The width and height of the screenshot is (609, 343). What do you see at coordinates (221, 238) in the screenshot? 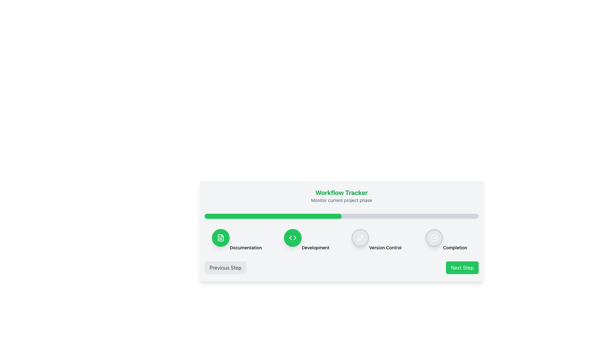
I see `the 'Documentation' icon in the workflow tracker` at bounding box center [221, 238].